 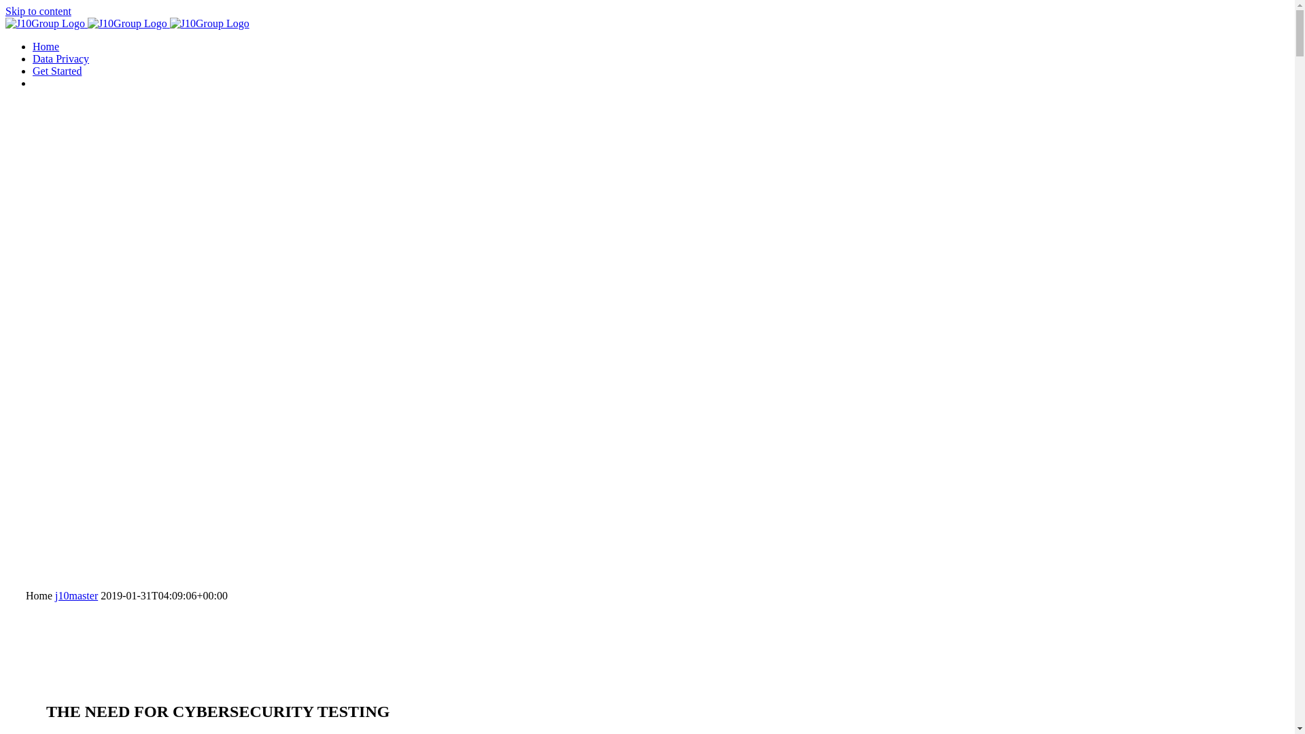 What do you see at coordinates (46, 46) in the screenshot?
I see `'Home'` at bounding box center [46, 46].